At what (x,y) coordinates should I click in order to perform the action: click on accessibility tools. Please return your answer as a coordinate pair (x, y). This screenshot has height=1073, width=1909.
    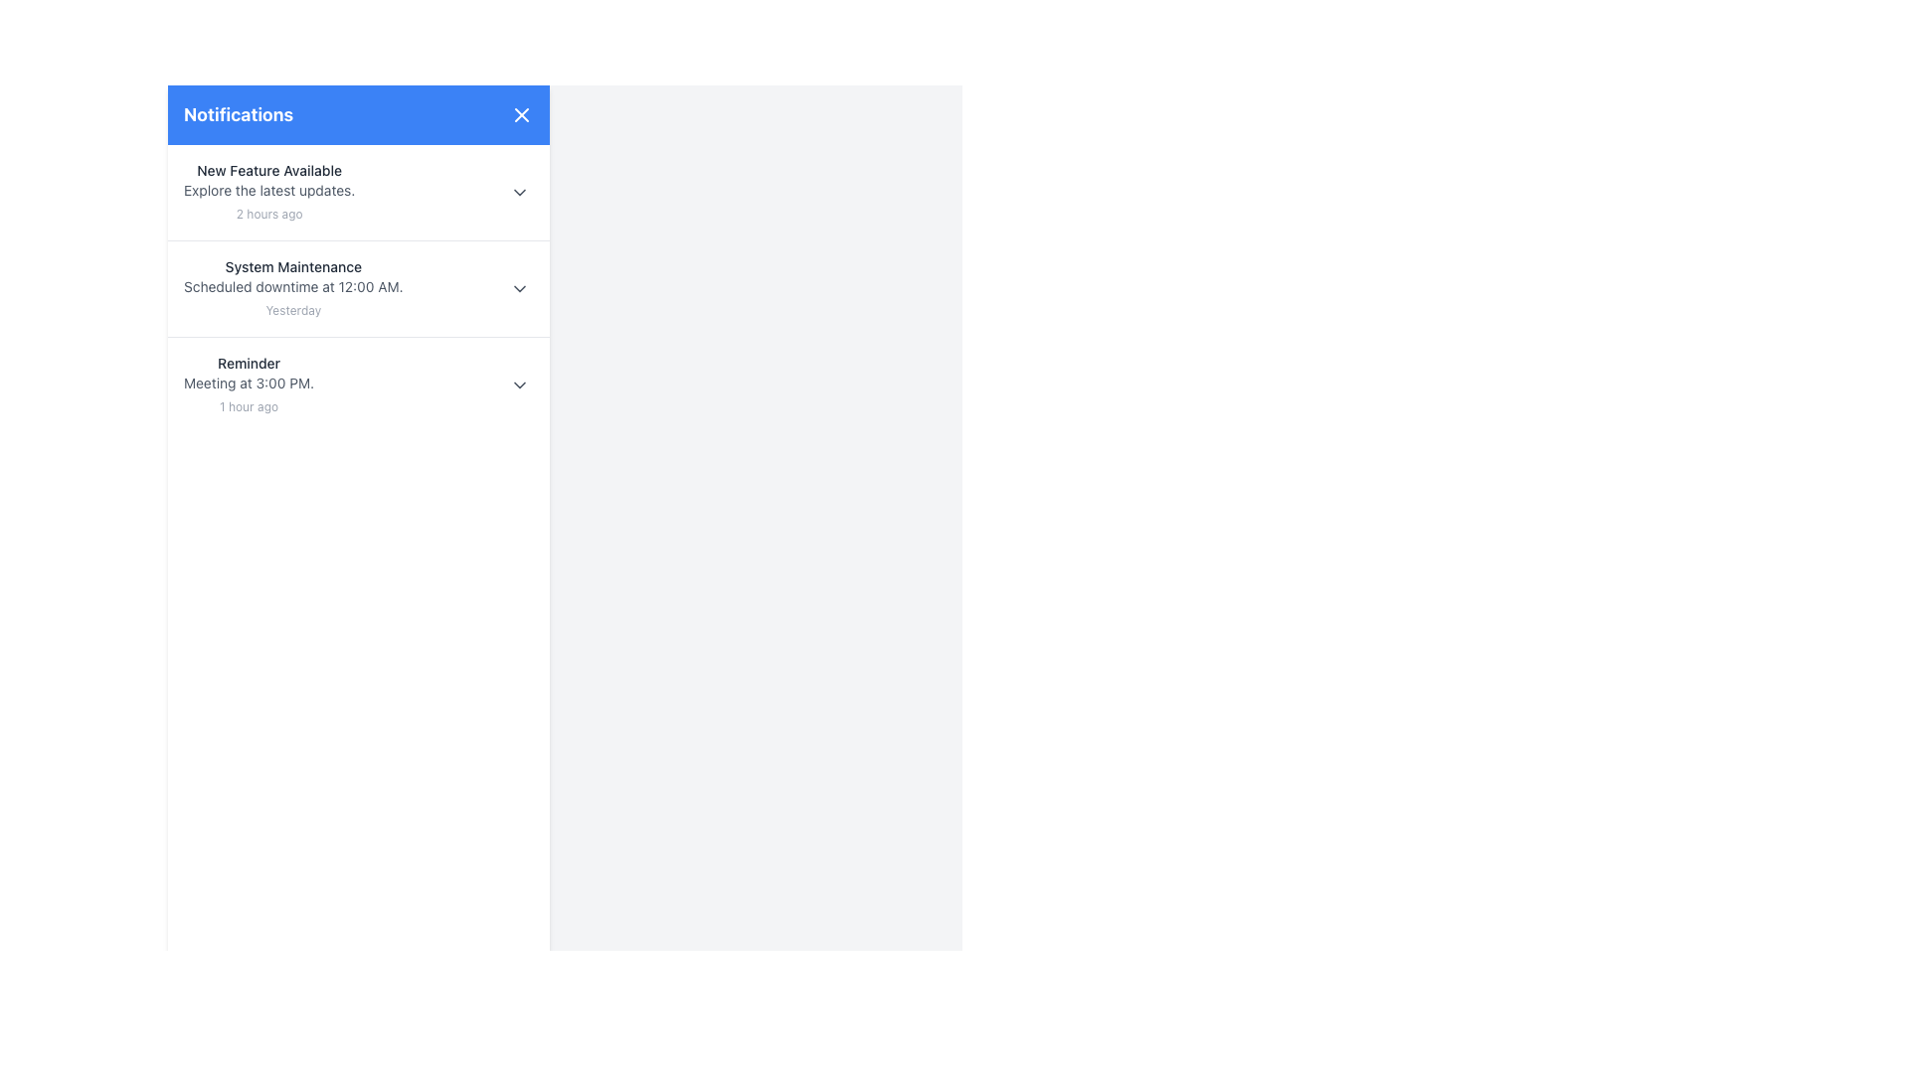
    Looking at the image, I should click on (248, 385).